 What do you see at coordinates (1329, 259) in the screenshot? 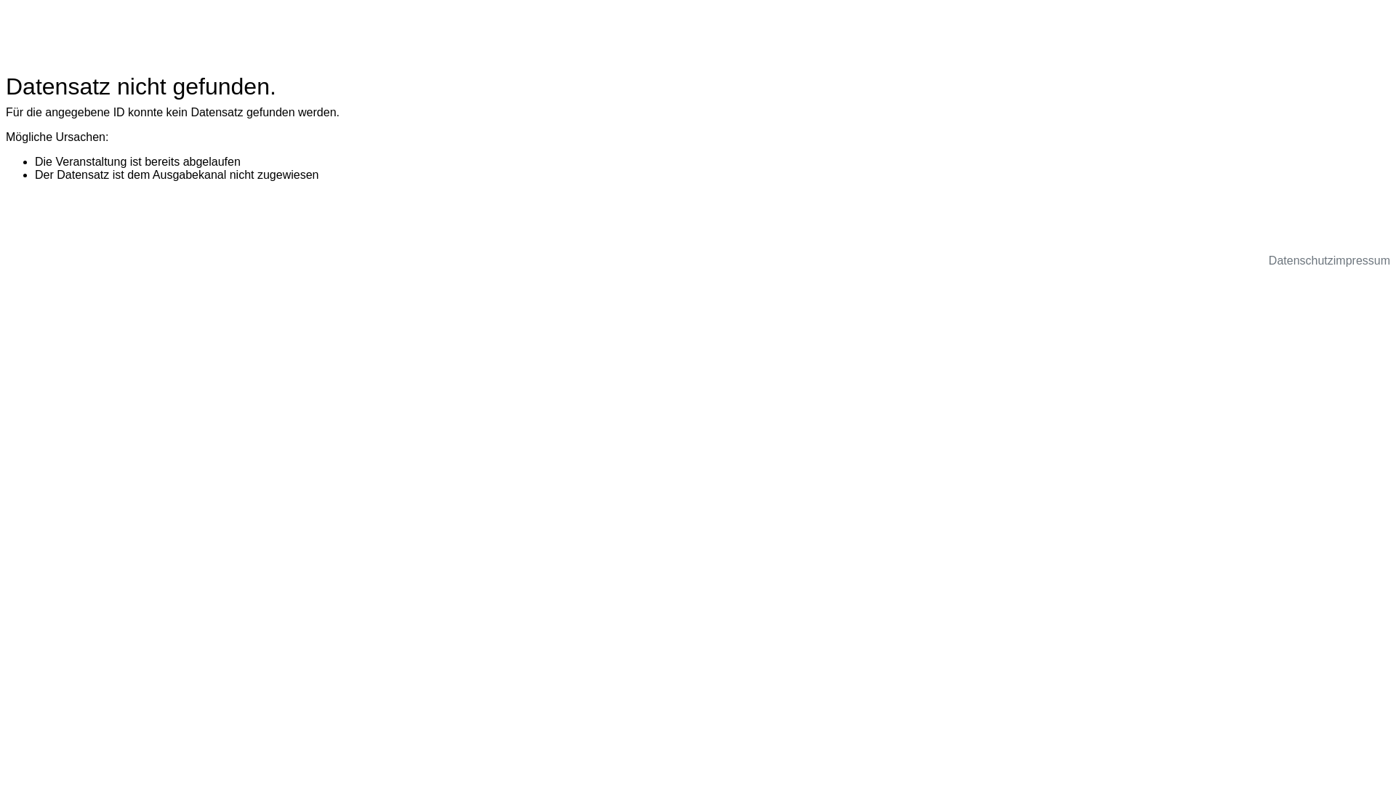
I see `'Datenschutzimpressum'` at bounding box center [1329, 259].